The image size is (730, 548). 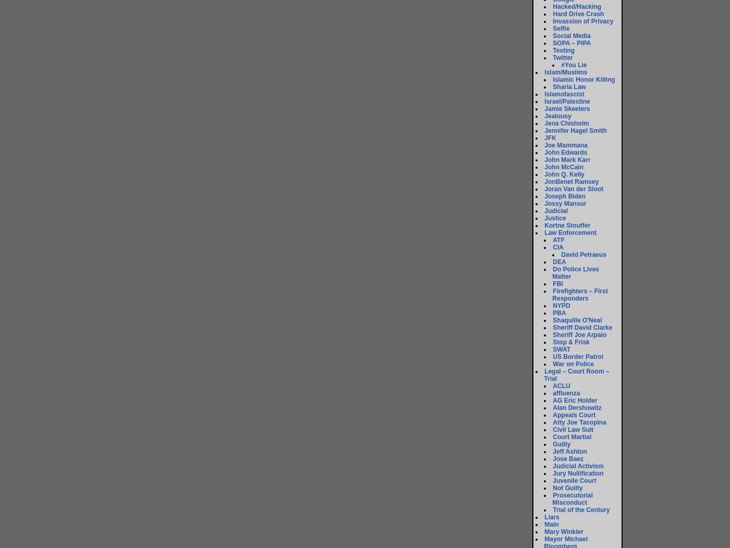 I want to click on 'affluenza', so click(x=566, y=393).